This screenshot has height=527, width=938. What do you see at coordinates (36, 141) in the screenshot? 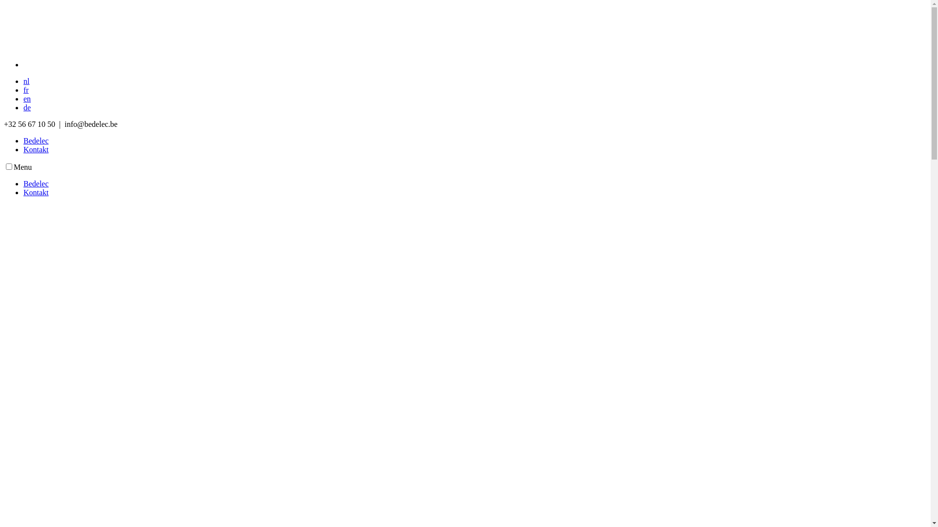
I see `'Bedelec'` at bounding box center [36, 141].